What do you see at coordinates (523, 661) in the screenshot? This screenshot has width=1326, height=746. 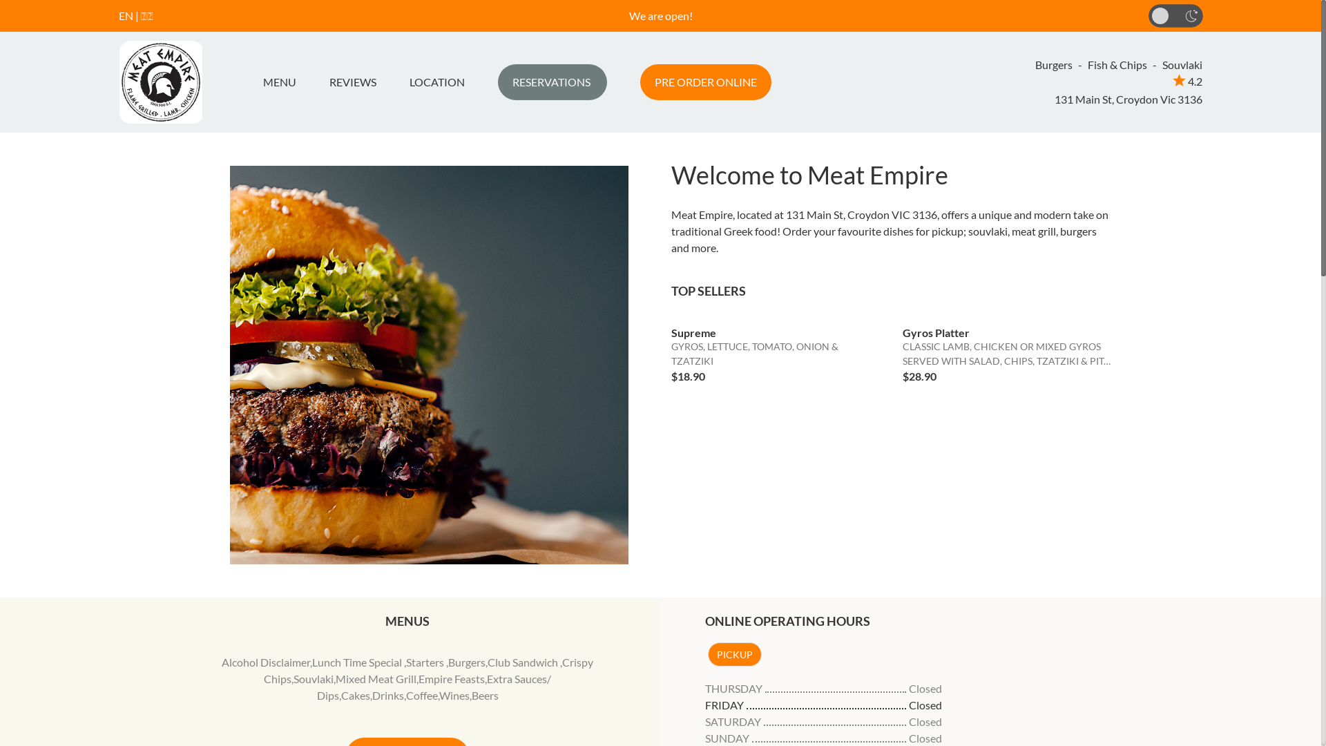 I see `'Club Sandwich'` at bounding box center [523, 661].